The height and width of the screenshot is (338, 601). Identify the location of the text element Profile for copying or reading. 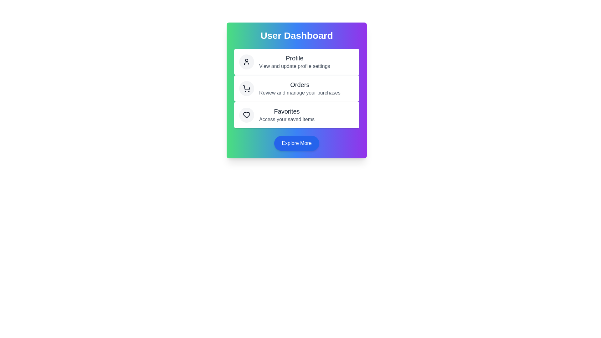
(294, 58).